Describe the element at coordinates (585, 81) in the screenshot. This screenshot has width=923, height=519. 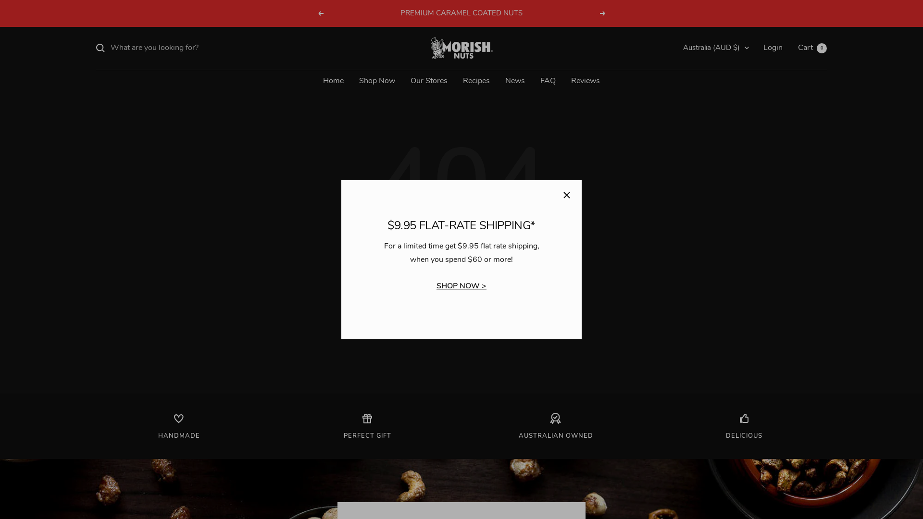
I see `'Reviews'` at that location.